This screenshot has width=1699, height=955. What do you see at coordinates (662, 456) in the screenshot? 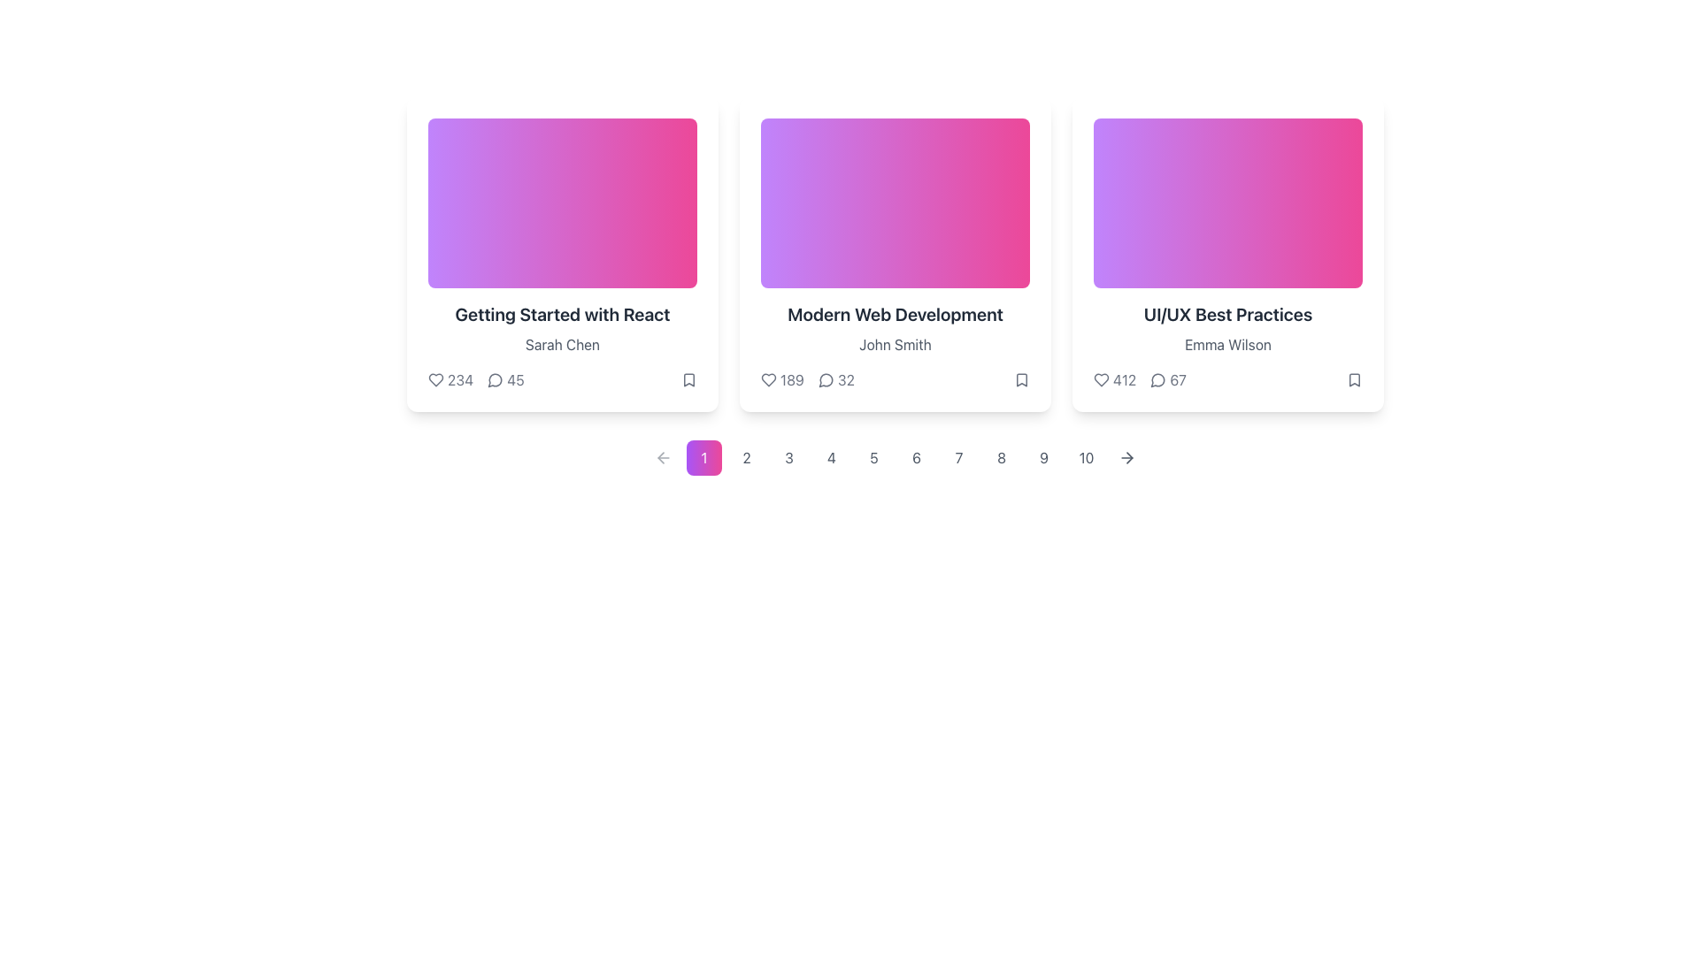
I see `the 'previous page' button with an arrow icon located in the bottom section of the pagination interface` at bounding box center [662, 456].